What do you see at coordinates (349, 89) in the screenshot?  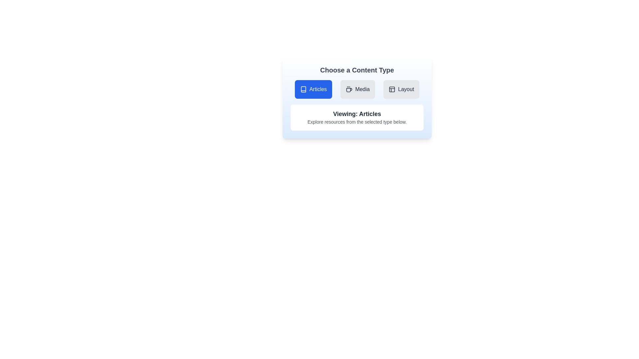 I see `the decorative coffee cup icon located near the left of the 'Media' menu option` at bounding box center [349, 89].